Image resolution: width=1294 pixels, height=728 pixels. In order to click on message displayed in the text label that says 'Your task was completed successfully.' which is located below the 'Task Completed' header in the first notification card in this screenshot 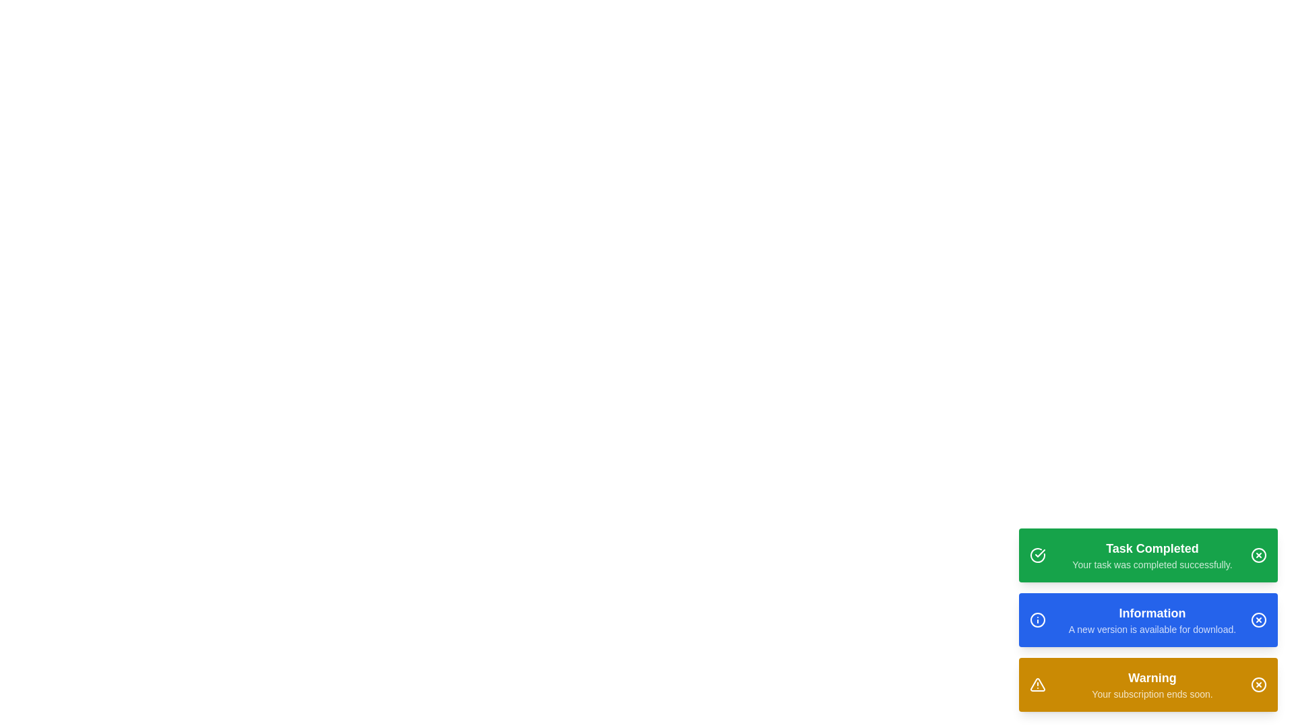, I will do `click(1151, 564)`.